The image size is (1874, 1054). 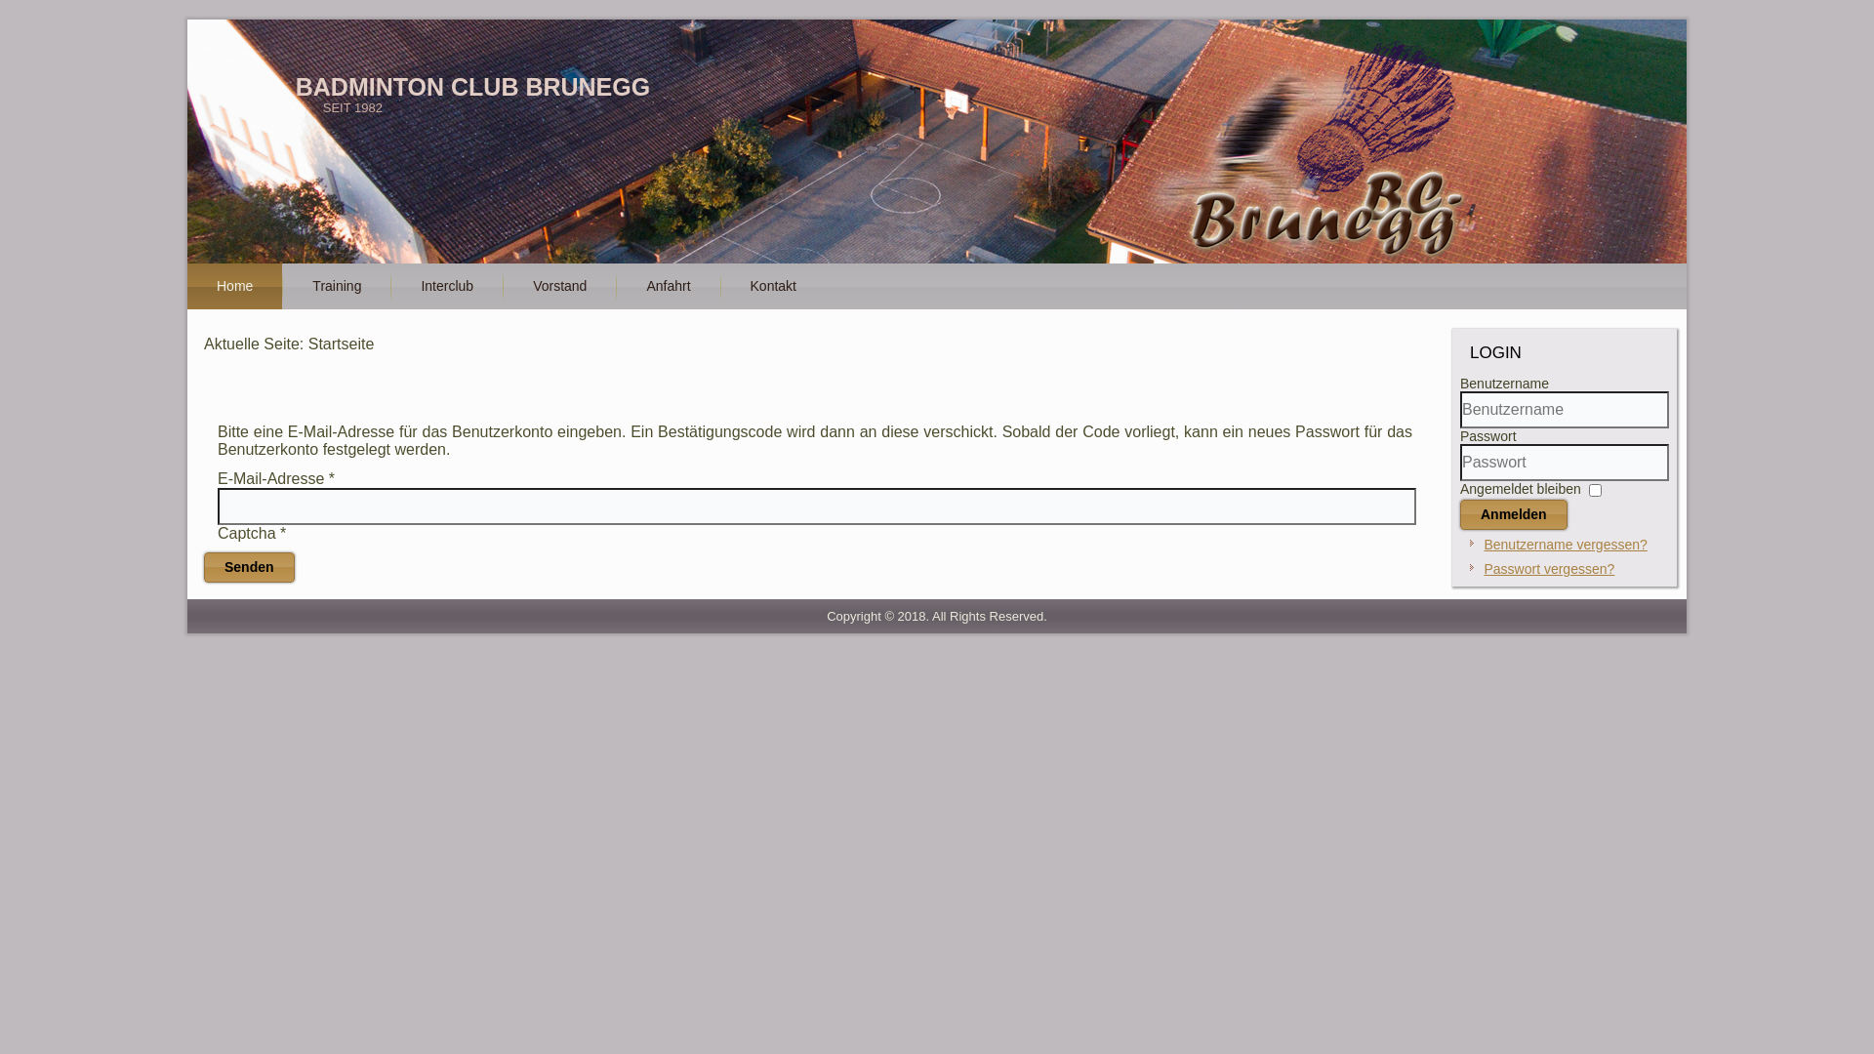 What do you see at coordinates (445, 286) in the screenshot?
I see `'Interclub'` at bounding box center [445, 286].